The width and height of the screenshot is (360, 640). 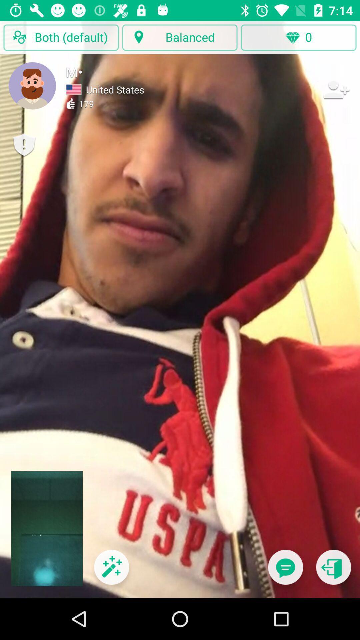 What do you see at coordinates (111, 571) in the screenshot?
I see `effects` at bounding box center [111, 571].